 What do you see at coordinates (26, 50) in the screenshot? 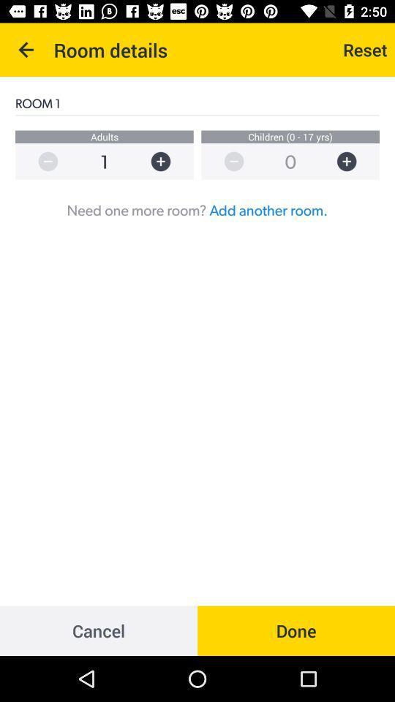
I see `the icon above the room 1 item` at bounding box center [26, 50].